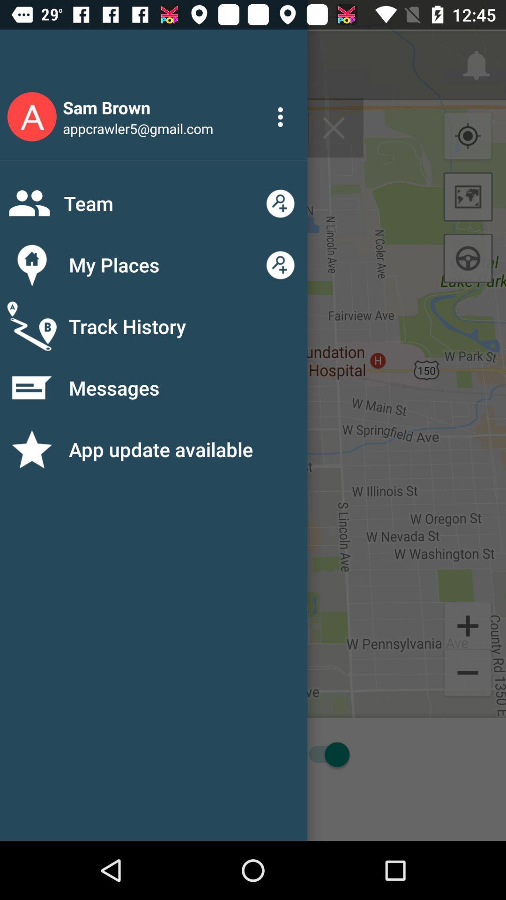 The height and width of the screenshot is (900, 506). What do you see at coordinates (468, 625) in the screenshot?
I see `the add icon` at bounding box center [468, 625].